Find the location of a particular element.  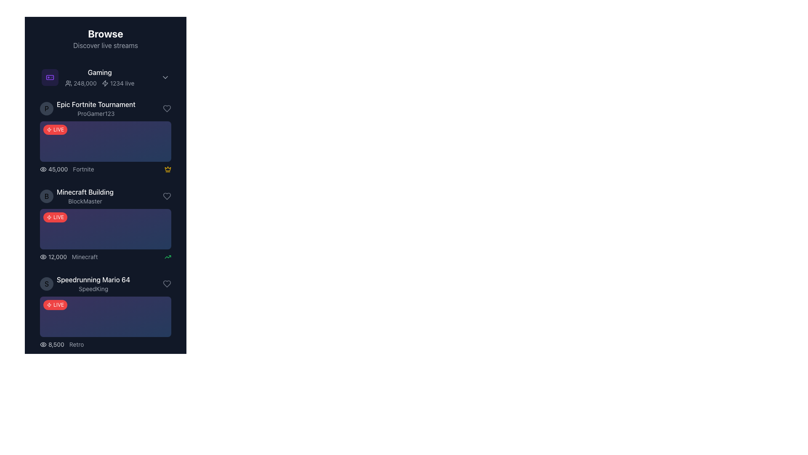

the interactive heart-shaped icon located to the far right of the 'Epic Fortnite Tournament' row is located at coordinates (167, 108).